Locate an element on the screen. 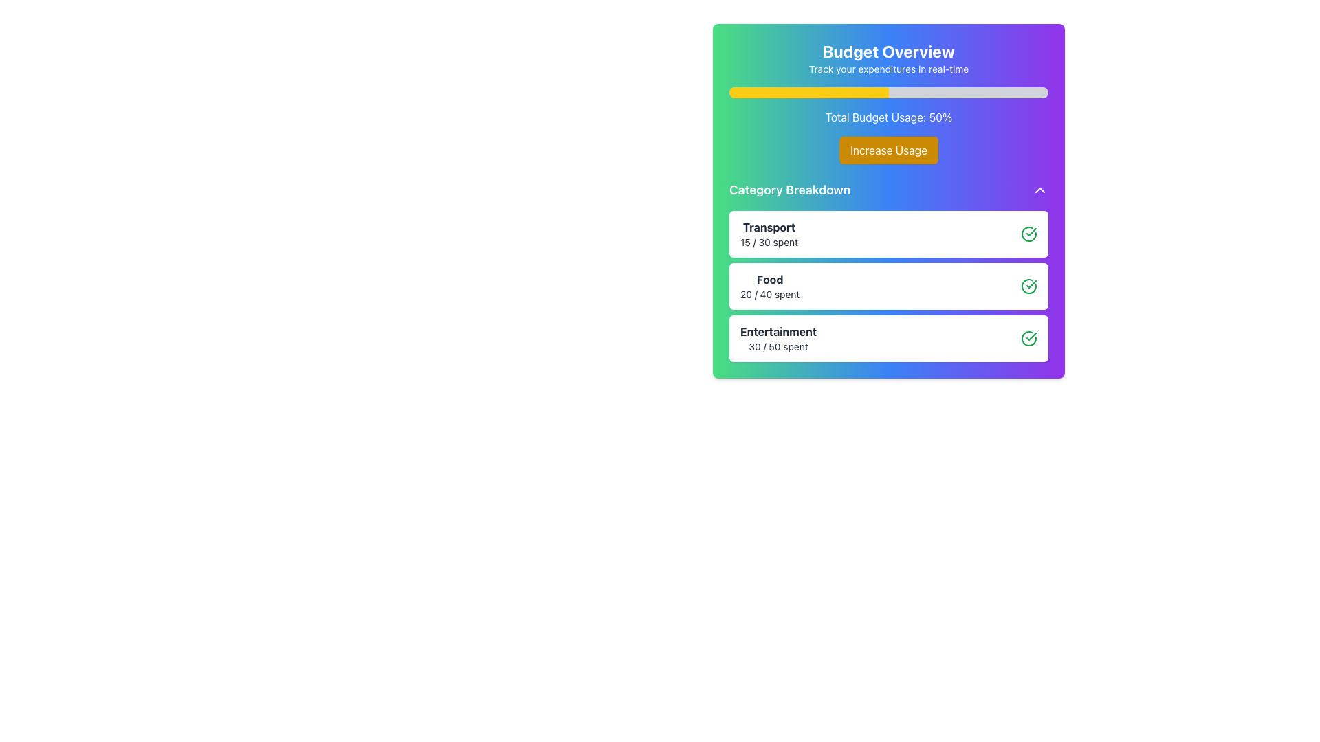 The height and width of the screenshot is (742, 1320). the Progress Bar that visually represents the percentage of total budget usage, indicating 50% completion, located below 'Track your expenditures in real-time' and above 'Total Budget Usage: 50%' is located at coordinates (888, 93).